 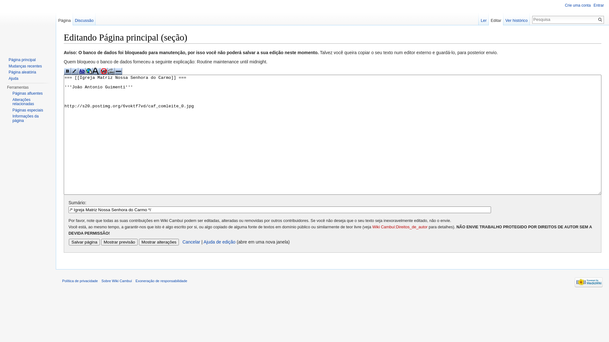 I want to click on 'Editar', so click(x=496, y=19).